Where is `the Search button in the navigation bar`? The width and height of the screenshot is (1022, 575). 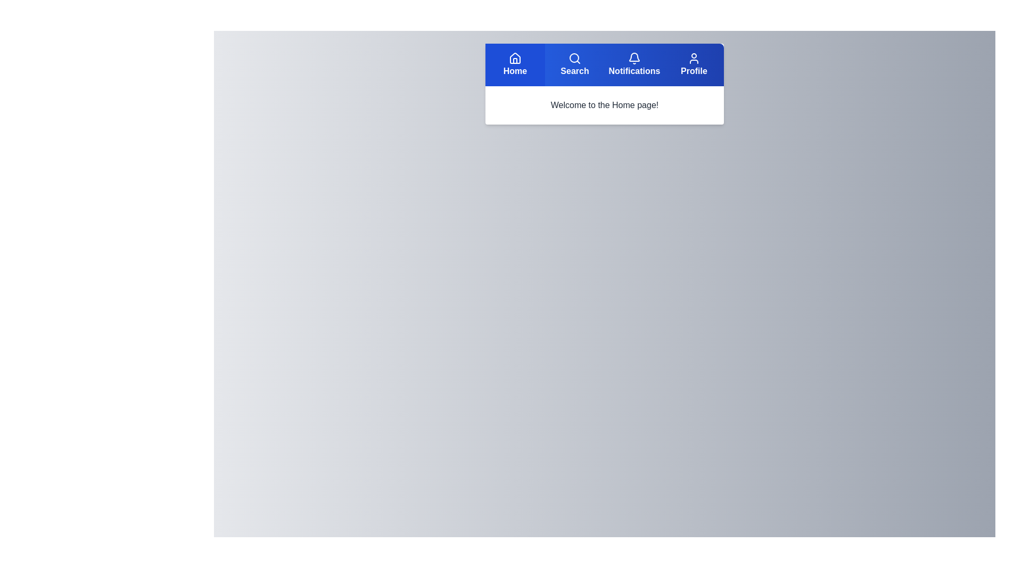
the Search button in the navigation bar is located at coordinates (574, 65).